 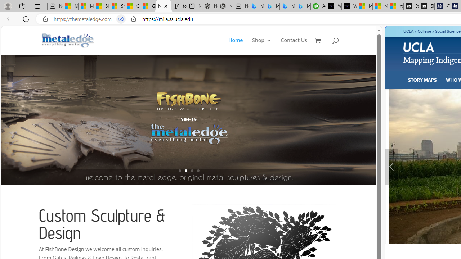 What do you see at coordinates (236, 46) in the screenshot?
I see `'Home'` at bounding box center [236, 46].